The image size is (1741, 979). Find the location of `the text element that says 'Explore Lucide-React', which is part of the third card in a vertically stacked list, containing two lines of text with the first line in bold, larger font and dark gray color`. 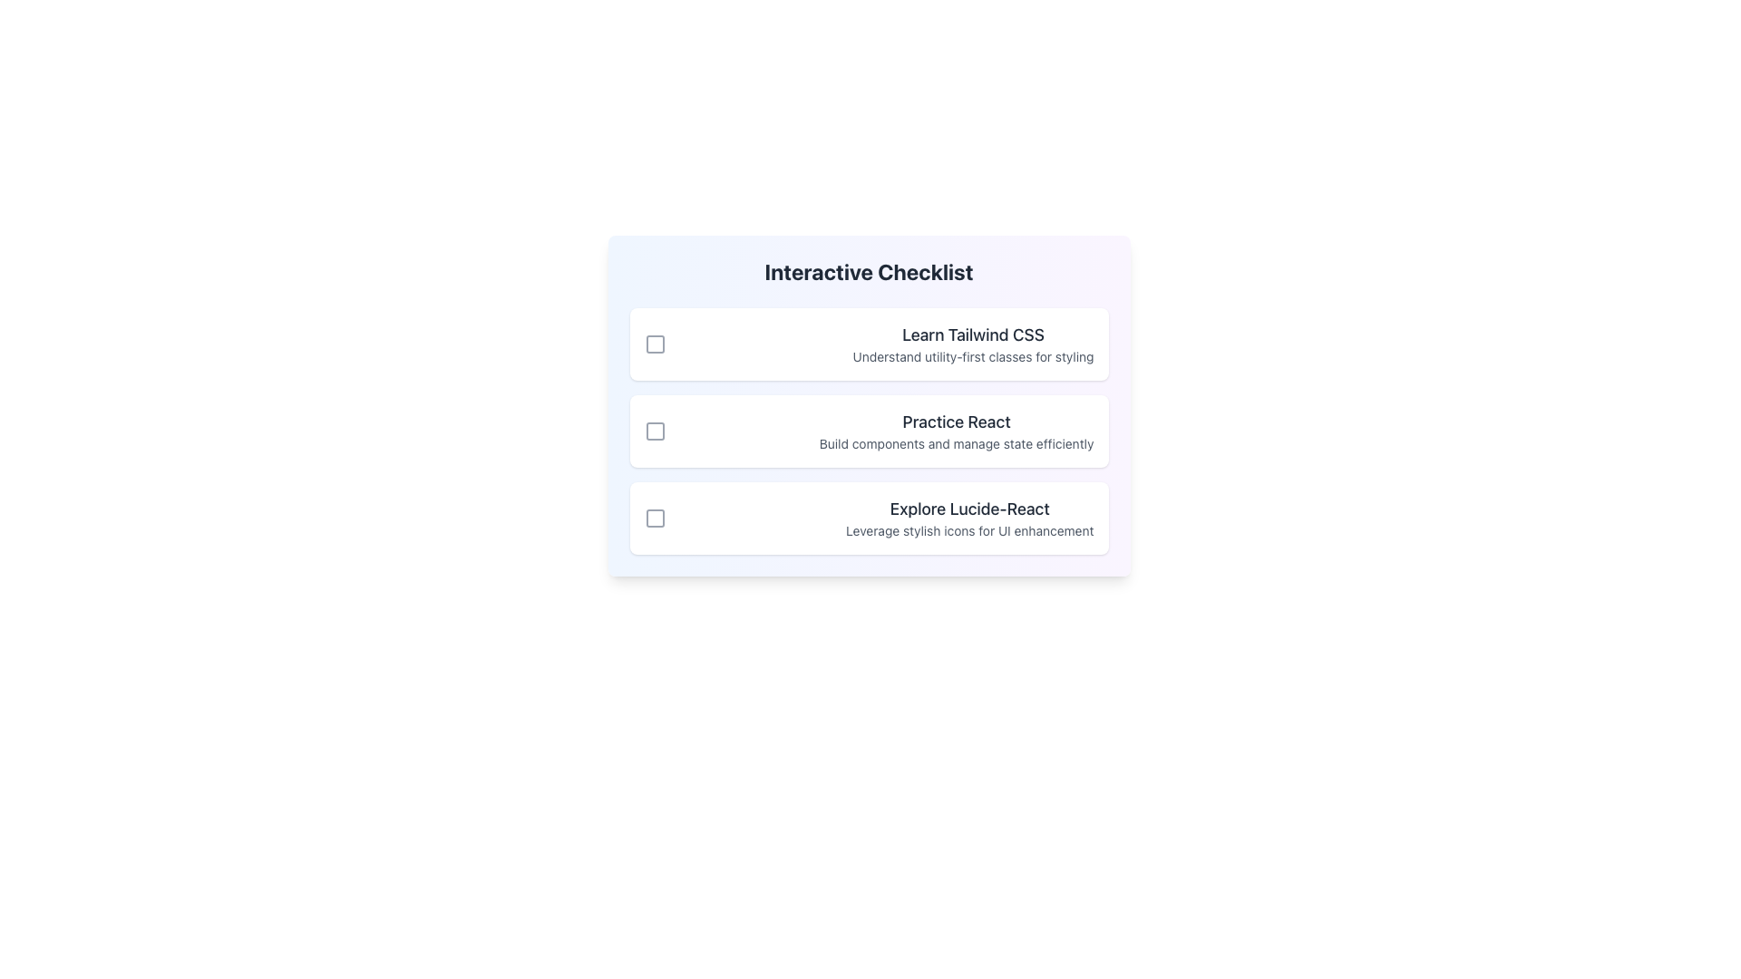

the text element that says 'Explore Lucide-React', which is part of the third card in a vertically stacked list, containing two lines of text with the first line in bold, larger font and dark gray color is located at coordinates (968, 518).